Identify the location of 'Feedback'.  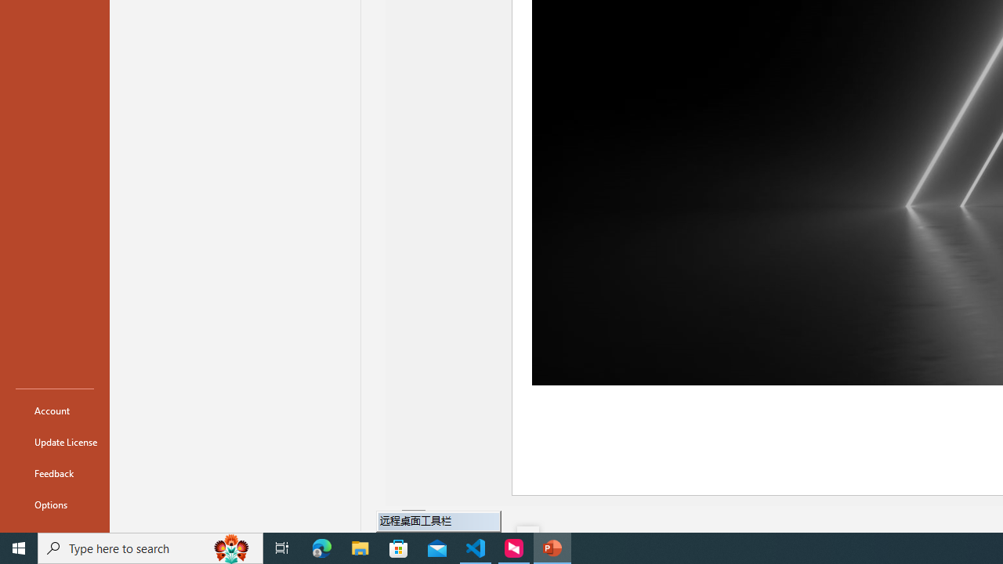
(54, 472).